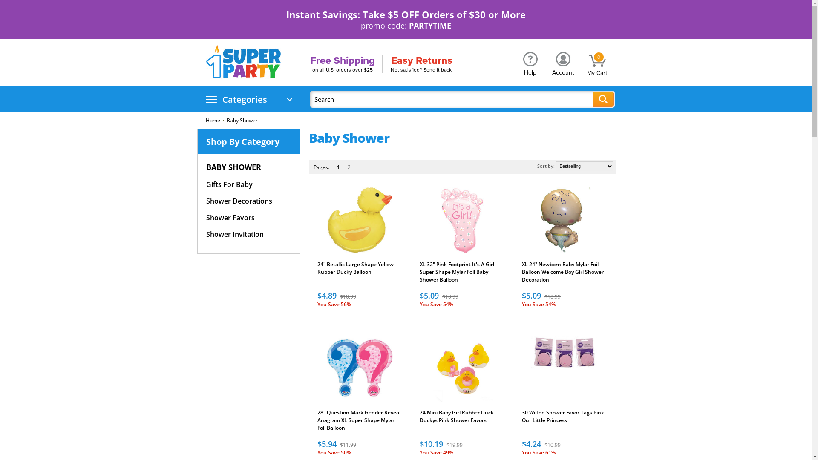  I want to click on 'Home', so click(214, 120).